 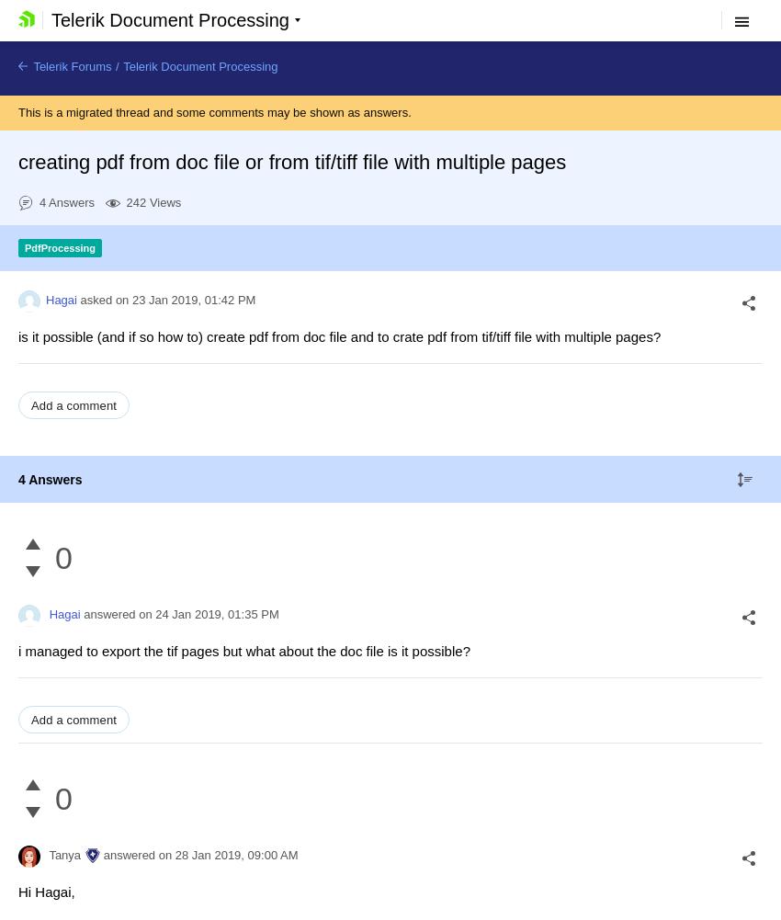 What do you see at coordinates (271, 855) in the screenshot?
I see `'09:00 AM'` at bounding box center [271, 855].